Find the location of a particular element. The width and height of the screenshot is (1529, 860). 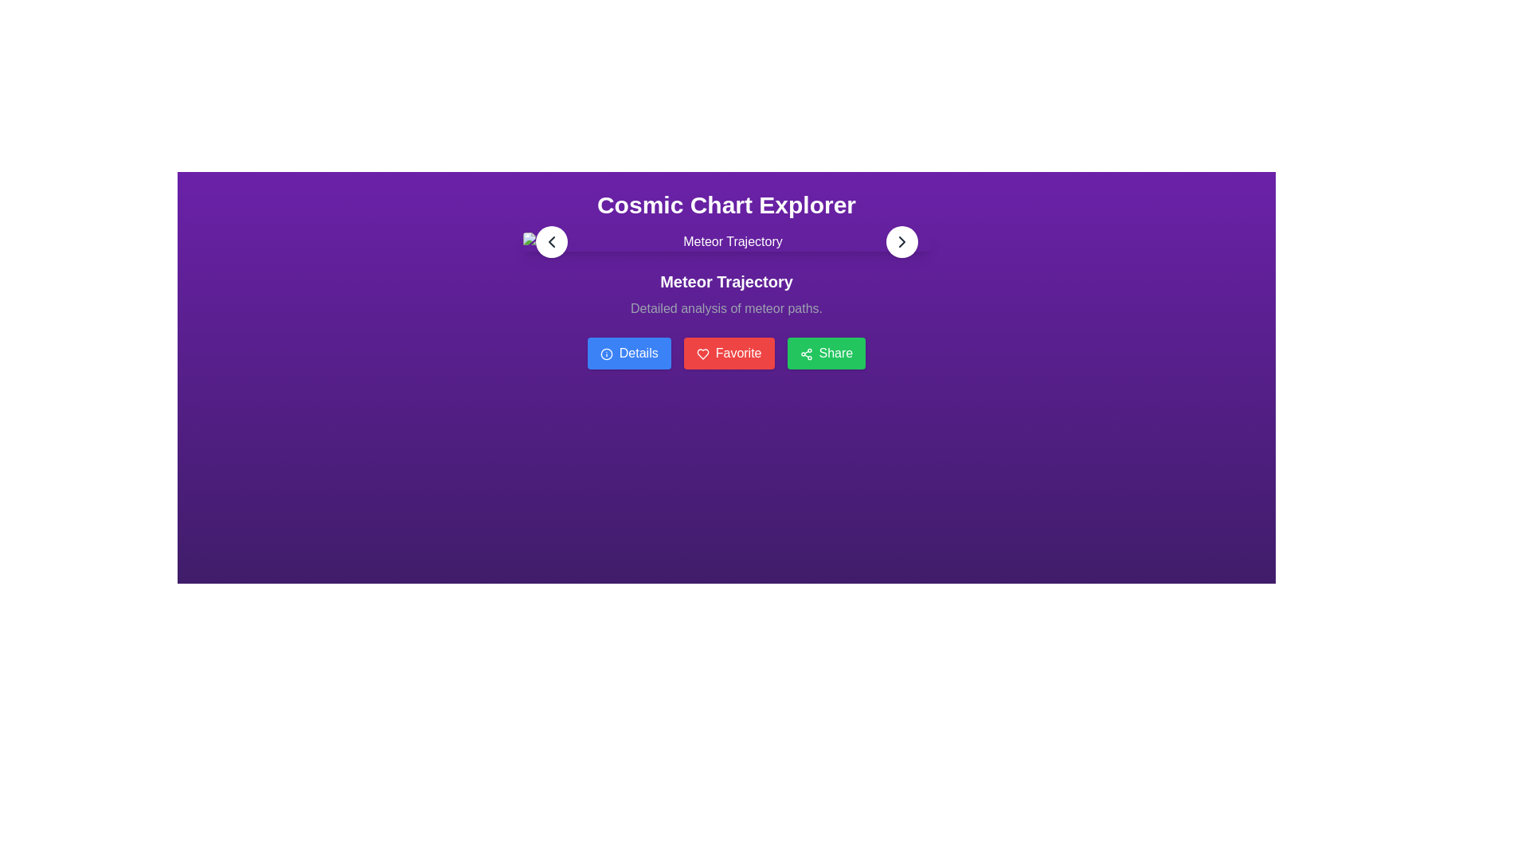

the circular button with a white background featuring a leftward-pointing arrow icon is located at coordinates (551, 242).